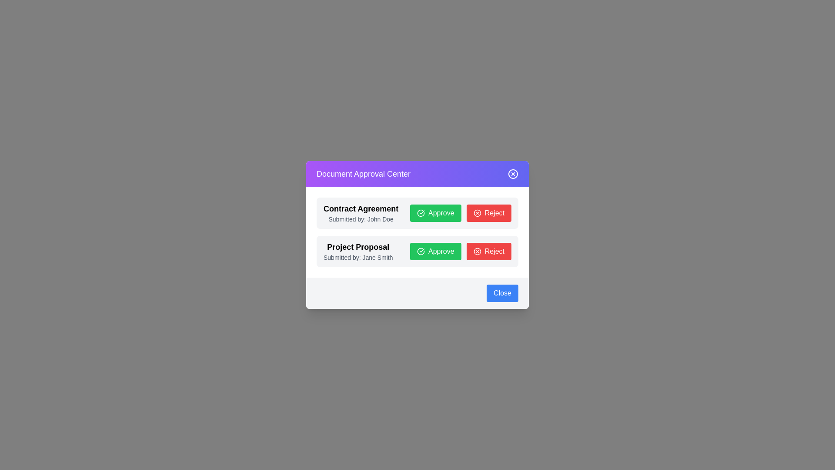 This screenshot has height=470, width=835. What do you see at coordinates (361, 219) in the screenshot?
I see `the Text label that displays the name of the individual who submitted the contract for review, located under the 'Contract Agreement' heading and above the 'Approve' and 'Reject' buttons` at bounding box center [361, 219].